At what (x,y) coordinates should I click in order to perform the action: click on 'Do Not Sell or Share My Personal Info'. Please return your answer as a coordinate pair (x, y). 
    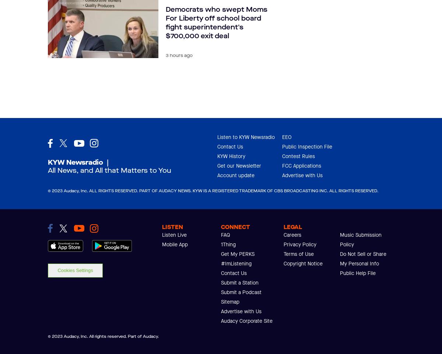
    Looking at the image, I should click on (363, 258).